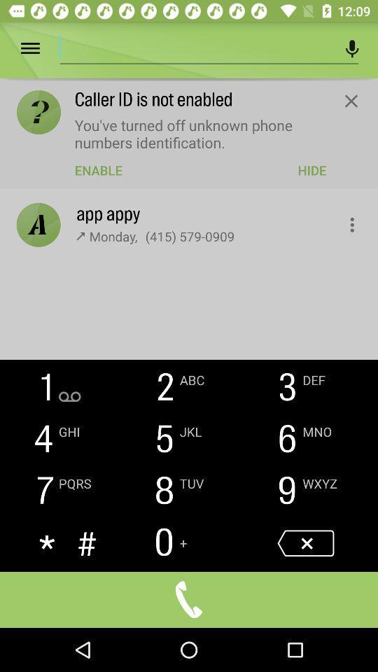 The width and height of the screenshot is (378, 672). Describe the element at coordinates (344, 221) in the screenshot. I see `show more options` at that location.